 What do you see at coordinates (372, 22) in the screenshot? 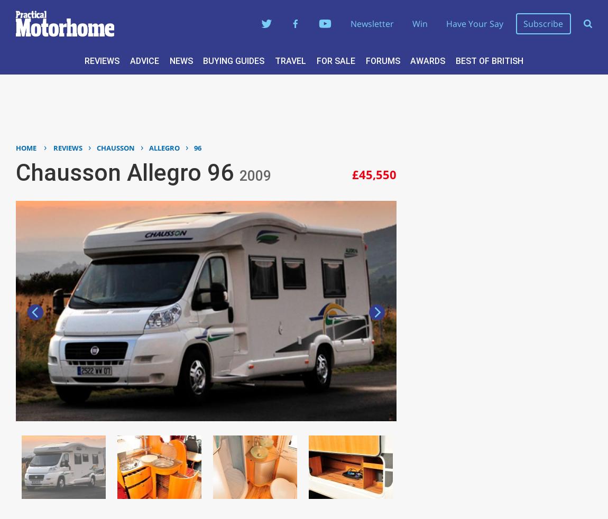
I see `'Newsletter'` at bounding box center [372, 22].